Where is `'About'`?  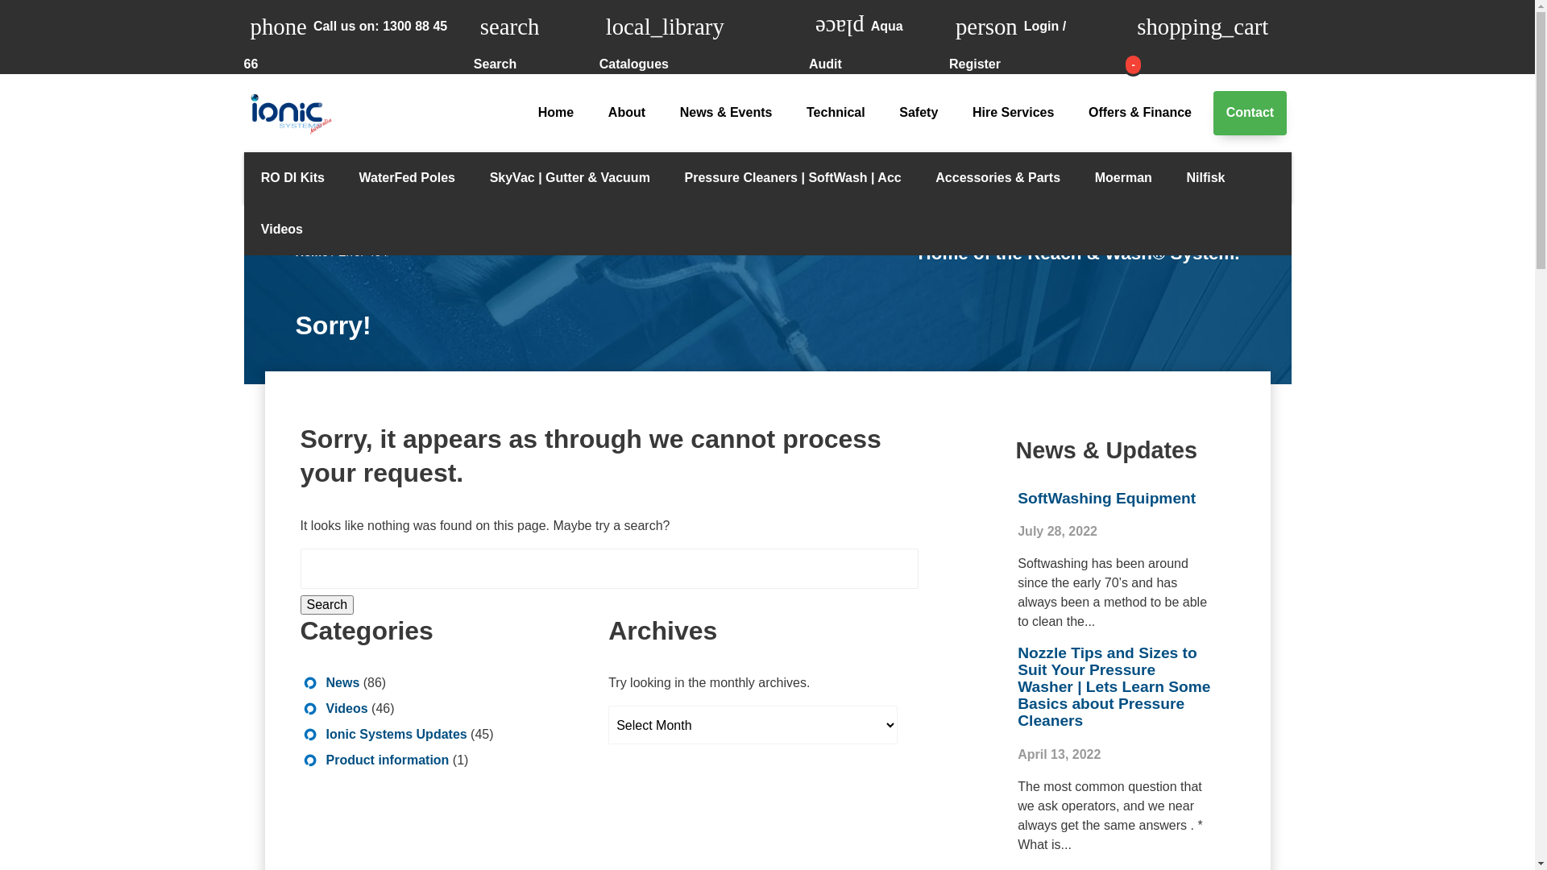
'About' is located at coordinates (626, 112).